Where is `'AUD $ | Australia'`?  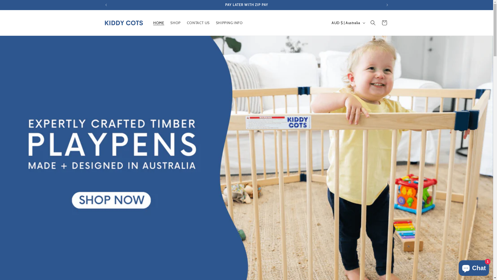
'AUD $ | Australia' is located at coordinates (348, 23).